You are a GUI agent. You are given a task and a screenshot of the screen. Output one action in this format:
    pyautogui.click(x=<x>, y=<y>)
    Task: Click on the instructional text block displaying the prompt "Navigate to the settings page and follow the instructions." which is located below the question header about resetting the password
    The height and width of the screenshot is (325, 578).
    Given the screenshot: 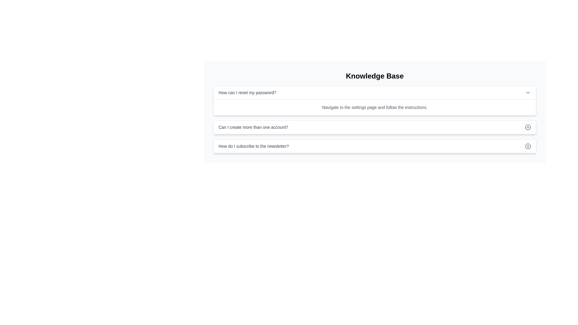 What is the action you would take?
    pyautogui.click(x=374, y=107)
    